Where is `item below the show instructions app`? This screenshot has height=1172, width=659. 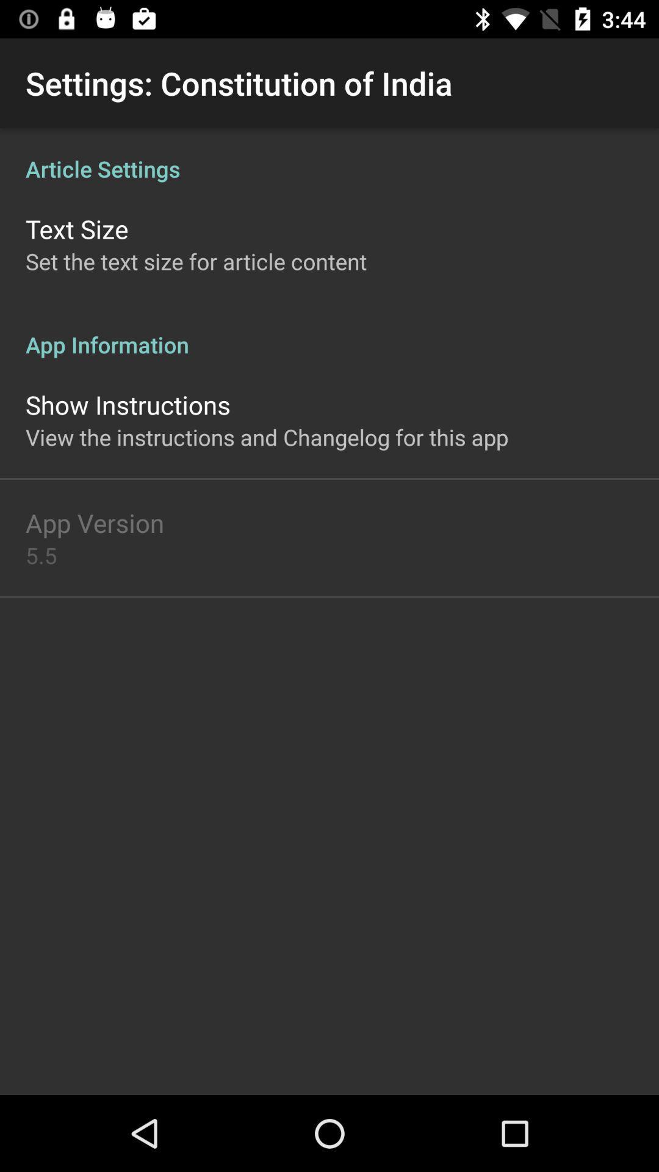
item below the show instructions app is located at coordinates (266, 437).